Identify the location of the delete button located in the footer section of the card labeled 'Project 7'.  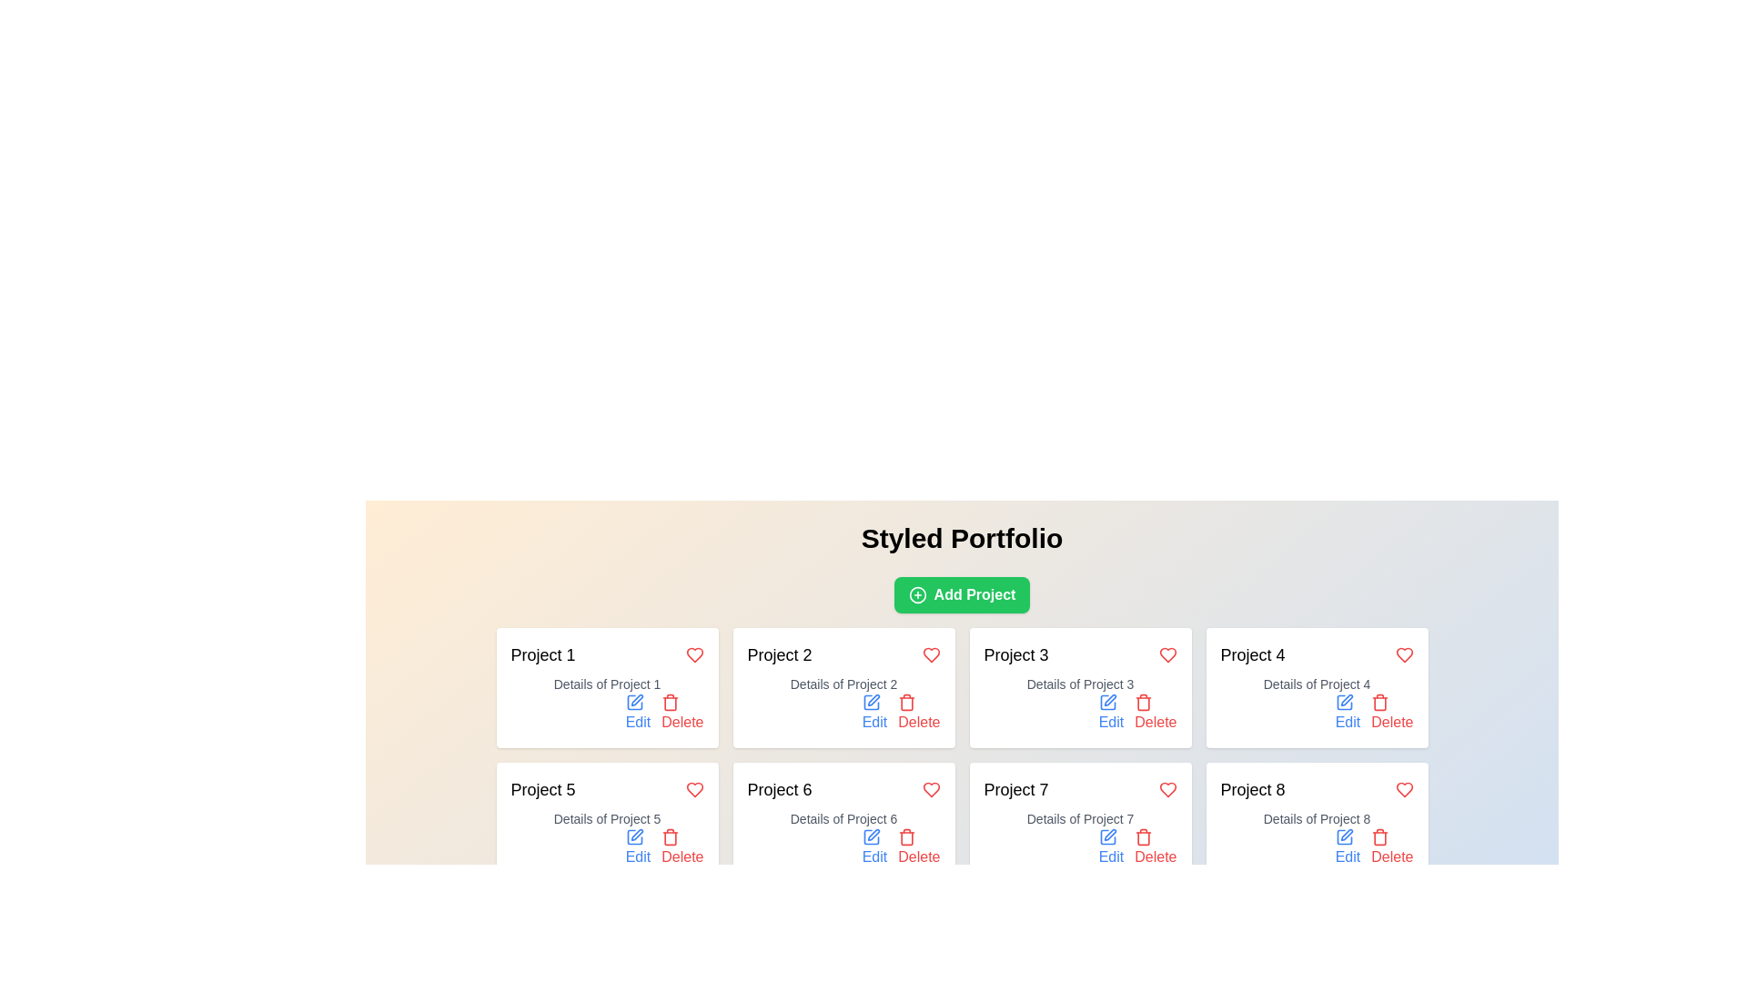
(1155, 848).